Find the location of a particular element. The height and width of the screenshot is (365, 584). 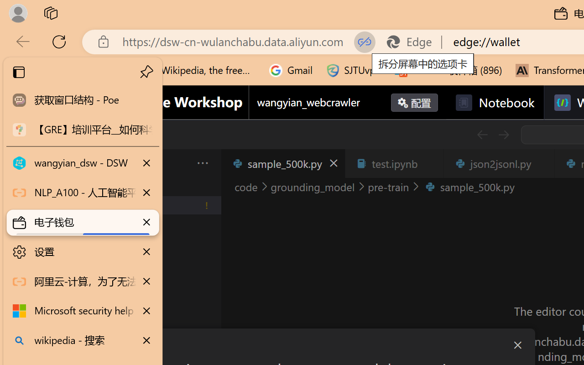

'Wikipedia, the free encyclopedia' is located at coordinates (199, 70).